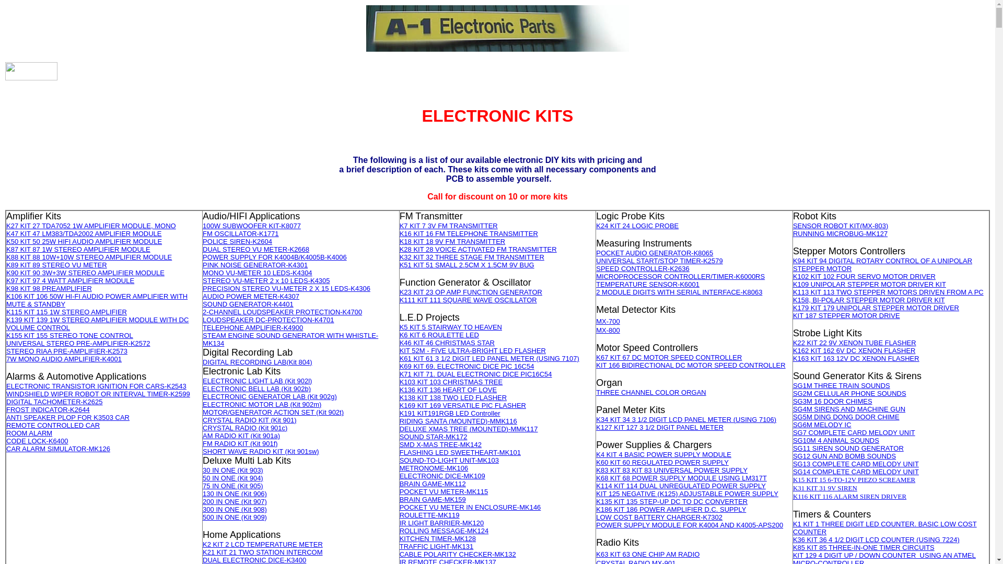 Image resolution: width=1003 pixels, height=564 pixels. Describe the element at coordinates (248, 304) in the screenshot. I see `'SOUND GENERATOR-K4401'` at that location.